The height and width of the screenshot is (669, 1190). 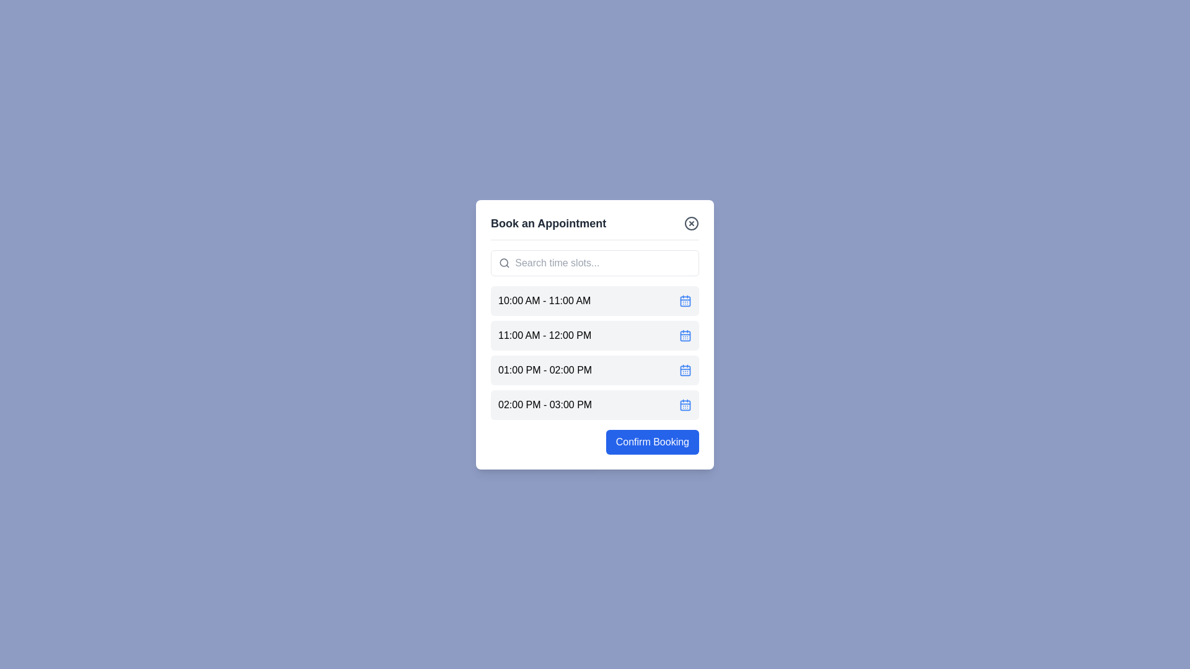 What do you see at coordinates (595, 300) in the screenshot?
I see `the time slot labeled 10:00 AM - 11:00 AM` at bounding box center [595, 300].